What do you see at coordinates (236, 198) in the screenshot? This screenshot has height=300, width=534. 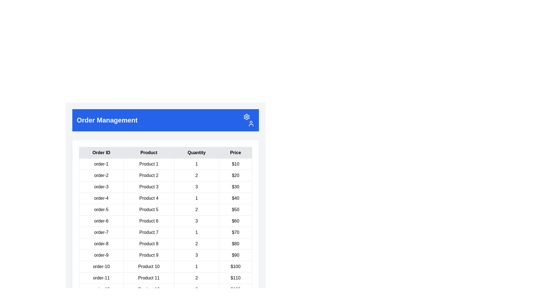 I see `the text field displaying the value '$40', located in the fourth row of a table under the 'Price' column` at bounding box center [236, 198].